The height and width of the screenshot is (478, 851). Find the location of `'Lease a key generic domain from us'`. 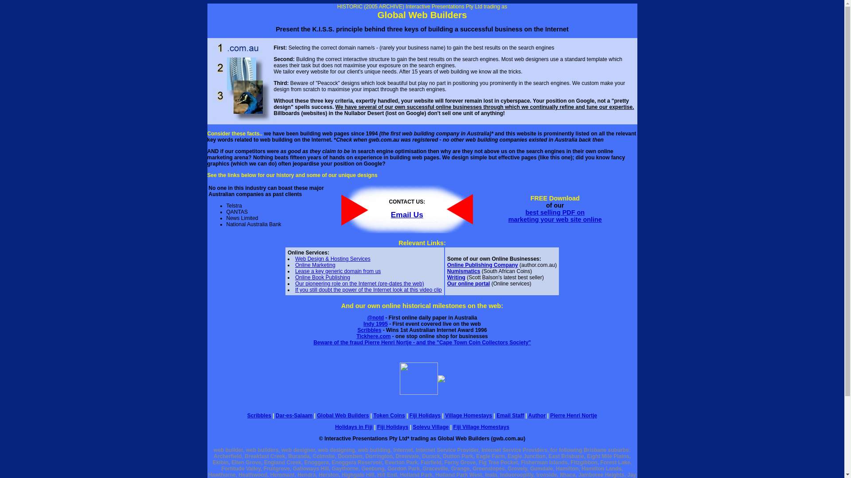

'Lease a key generic domain from us' is located at coordinates (337, 271).